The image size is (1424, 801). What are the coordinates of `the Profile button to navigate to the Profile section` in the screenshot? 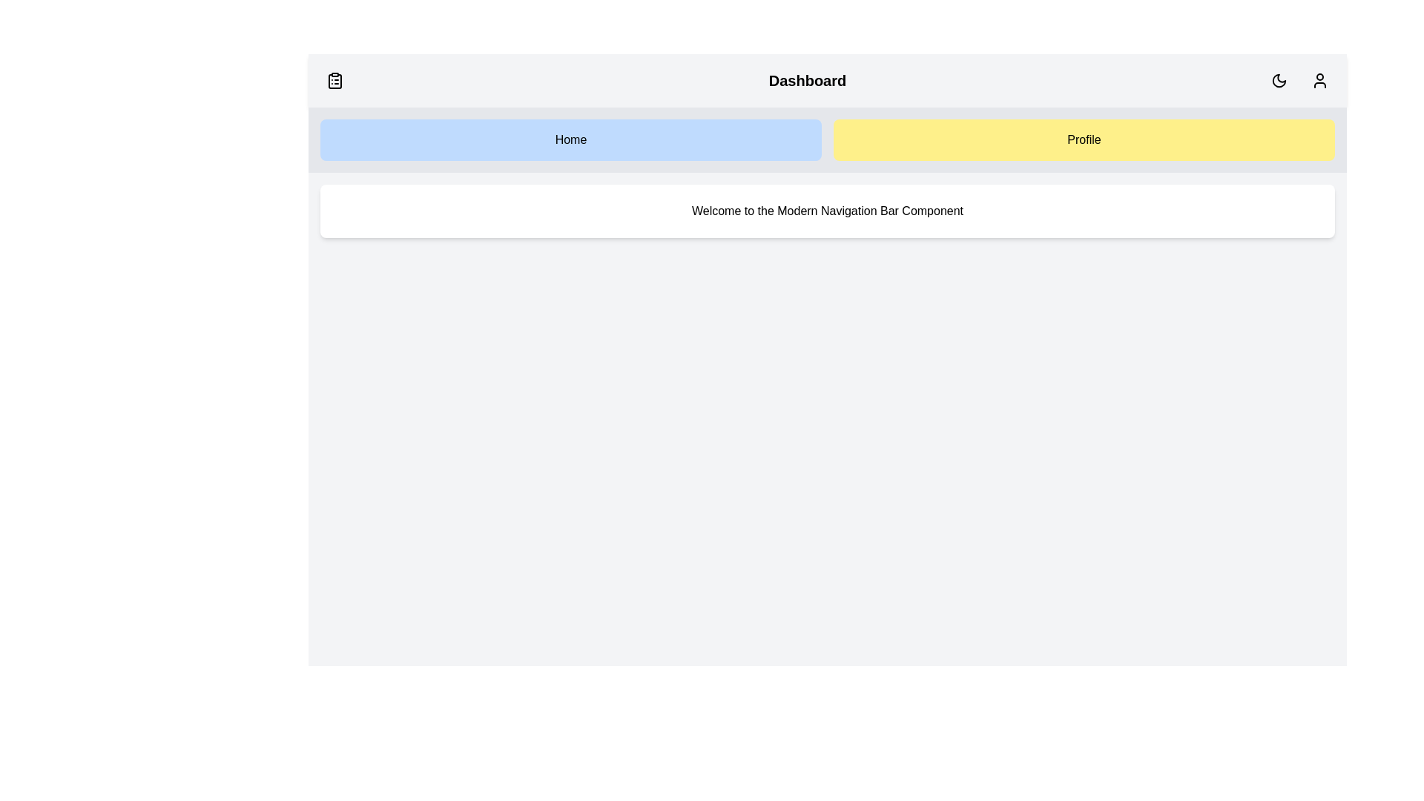 It's located at (1084, 140).